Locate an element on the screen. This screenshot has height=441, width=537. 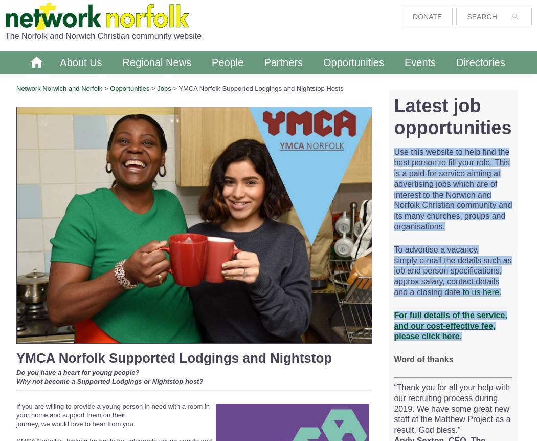
'Events' is located at coordinates (419, 62).